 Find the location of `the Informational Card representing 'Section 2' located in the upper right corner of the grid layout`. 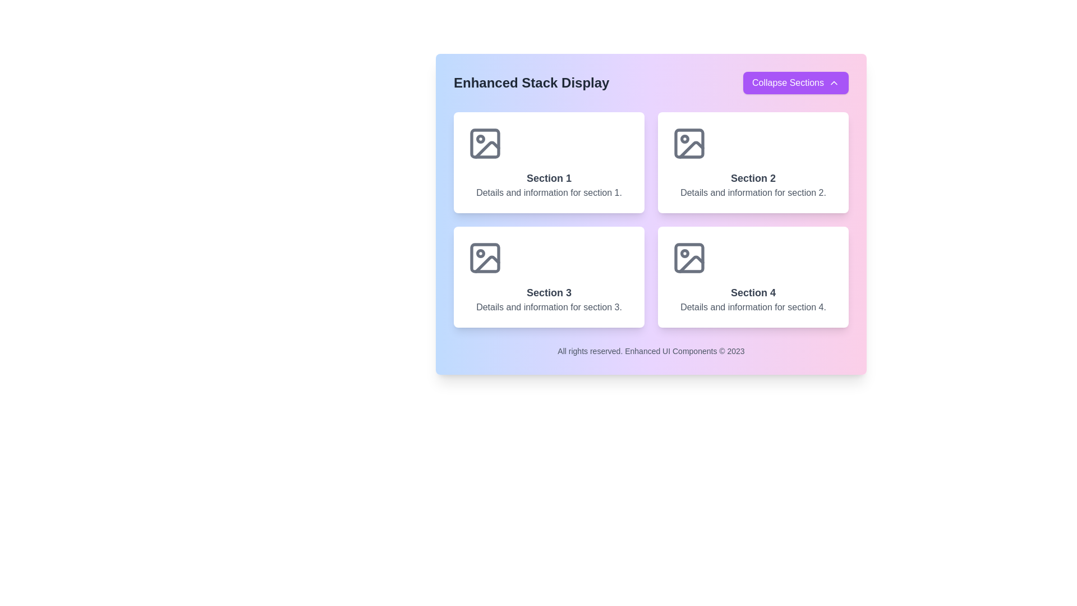

the Informational Card representing 'Section 2' located in the upper right corner of the grid layout is located at coordinates (753, 162).